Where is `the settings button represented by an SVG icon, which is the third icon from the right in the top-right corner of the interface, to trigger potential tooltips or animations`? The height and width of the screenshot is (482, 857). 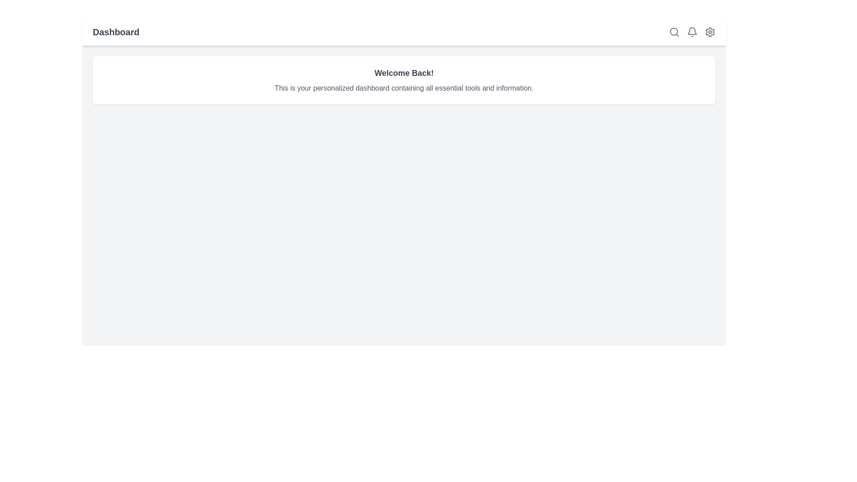 the settings button represented by an SVG icon, which is the third icon from the right in the top-right corner of the interface, to trigger potential tooltips or animations is located at coordinates (709, 32).